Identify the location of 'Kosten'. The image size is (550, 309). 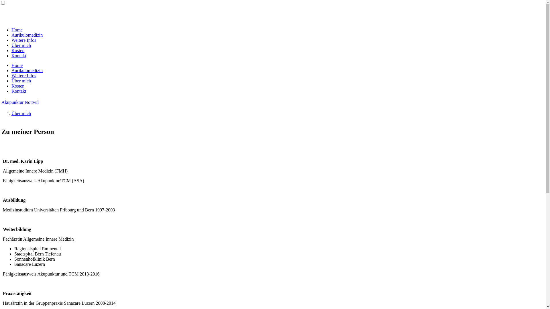
(18, 50).